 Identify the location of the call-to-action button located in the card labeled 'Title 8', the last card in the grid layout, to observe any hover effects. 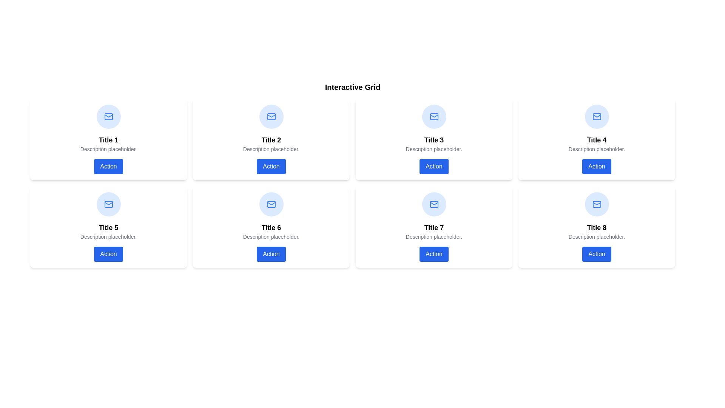
(596, 254).